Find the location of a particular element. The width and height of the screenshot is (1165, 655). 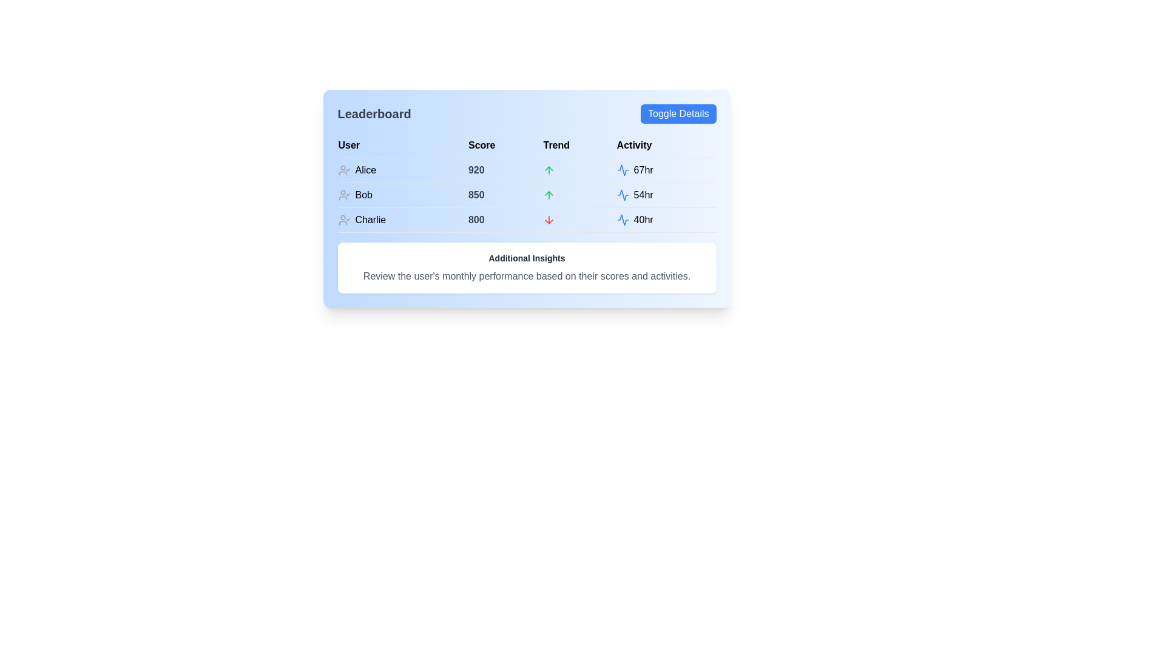

the text label displaying '67hr' located in the leaderboard interface under the 'Activity' column for 'Alice' is located at coordinates (643, 170).